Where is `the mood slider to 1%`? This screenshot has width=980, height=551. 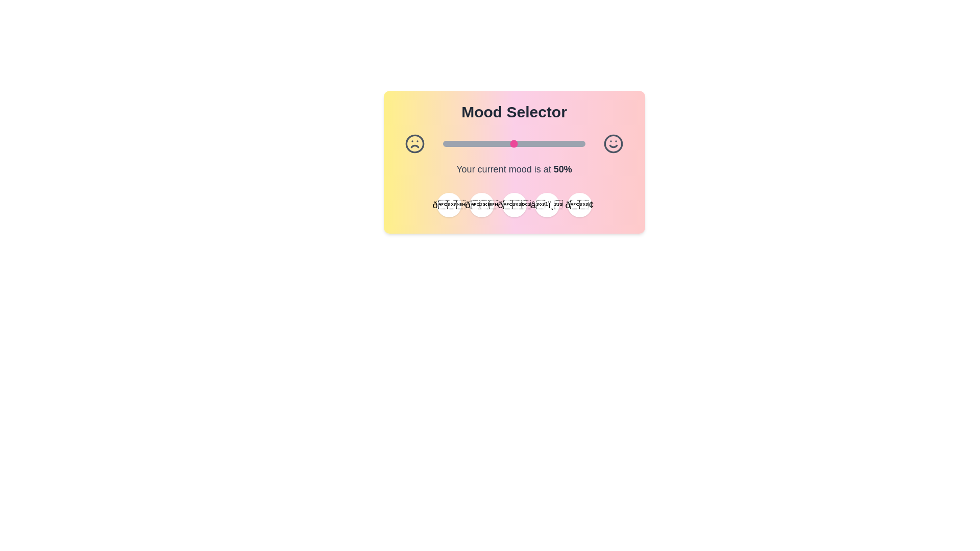
the mood slider to 1% is located at coordinates (445, 143).